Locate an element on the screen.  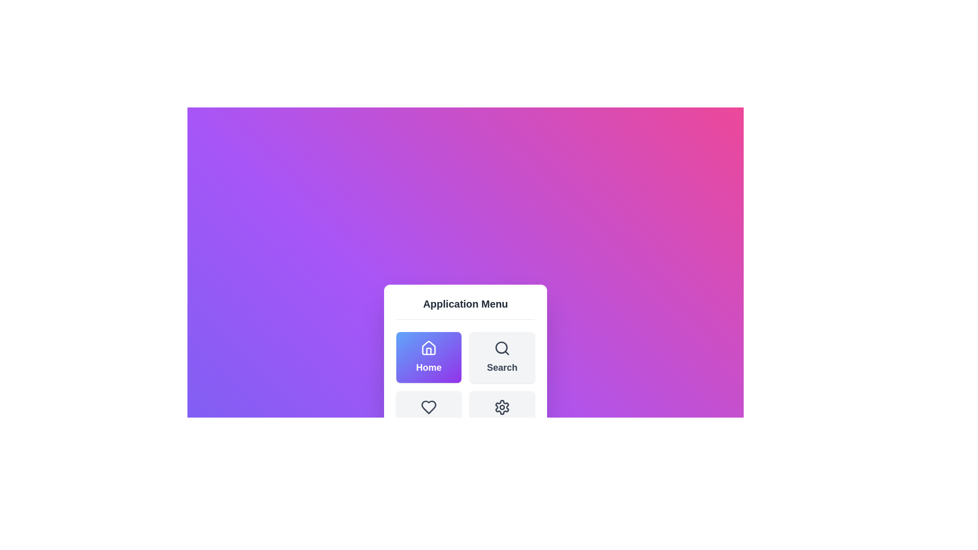
the 'Home' menu item is located at coordinates (428, 356).